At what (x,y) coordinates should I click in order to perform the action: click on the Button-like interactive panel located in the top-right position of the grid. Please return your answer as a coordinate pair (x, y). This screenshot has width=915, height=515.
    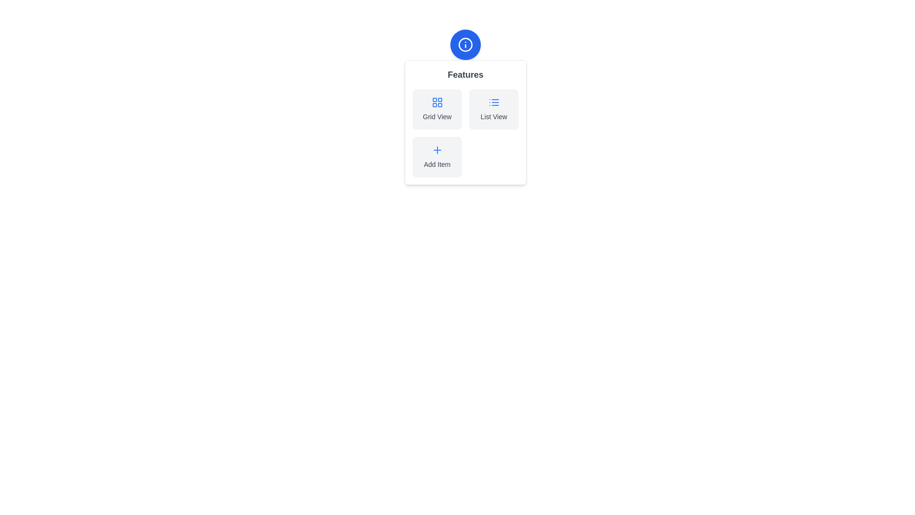
    Looking at the image, I should click on (494, 108).